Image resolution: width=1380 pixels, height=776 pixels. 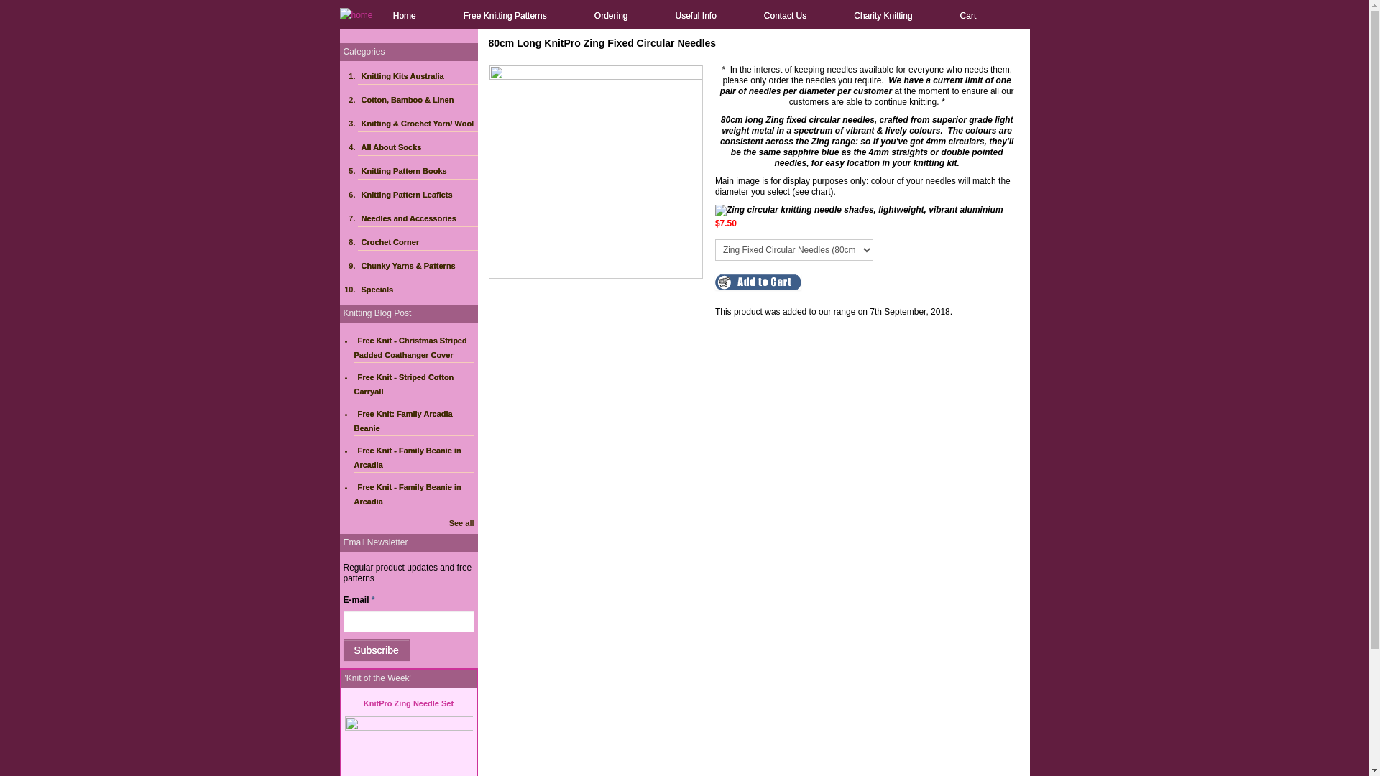 What do you see at coordinates (417, 241) in the screenshot?
I see `'Crochet Corner'` at bounding box center [417, 241].